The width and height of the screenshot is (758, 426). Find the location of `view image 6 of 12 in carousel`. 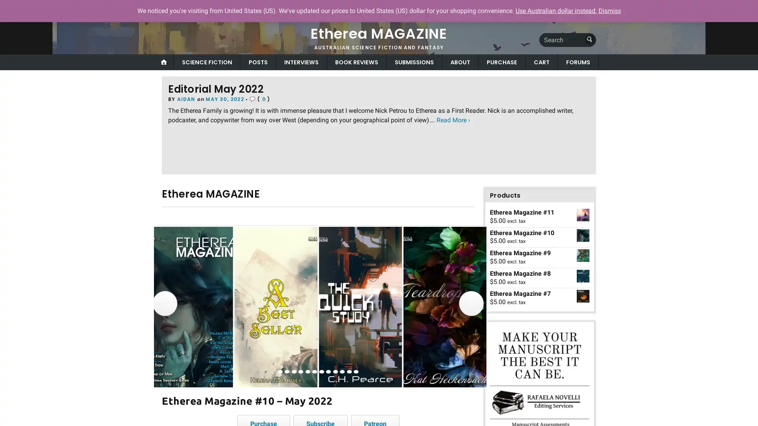

view image 6 of 12 in carousel is located at coordinates (314, 371).